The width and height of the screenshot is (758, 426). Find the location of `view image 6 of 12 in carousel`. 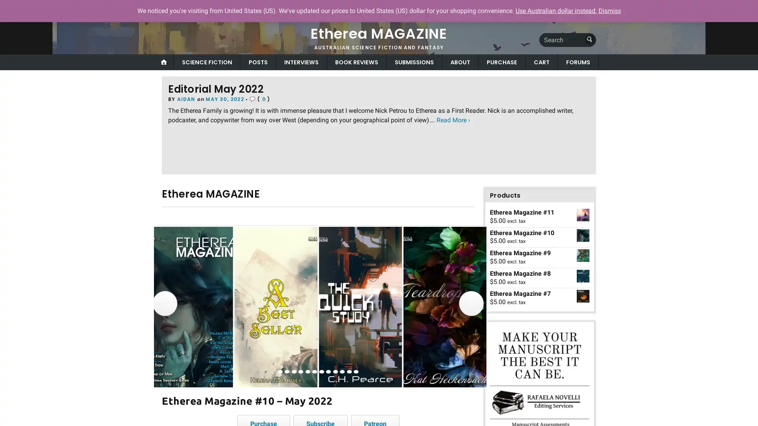

view image 6 of 12 in carousel is located at coordinates (314, 371).